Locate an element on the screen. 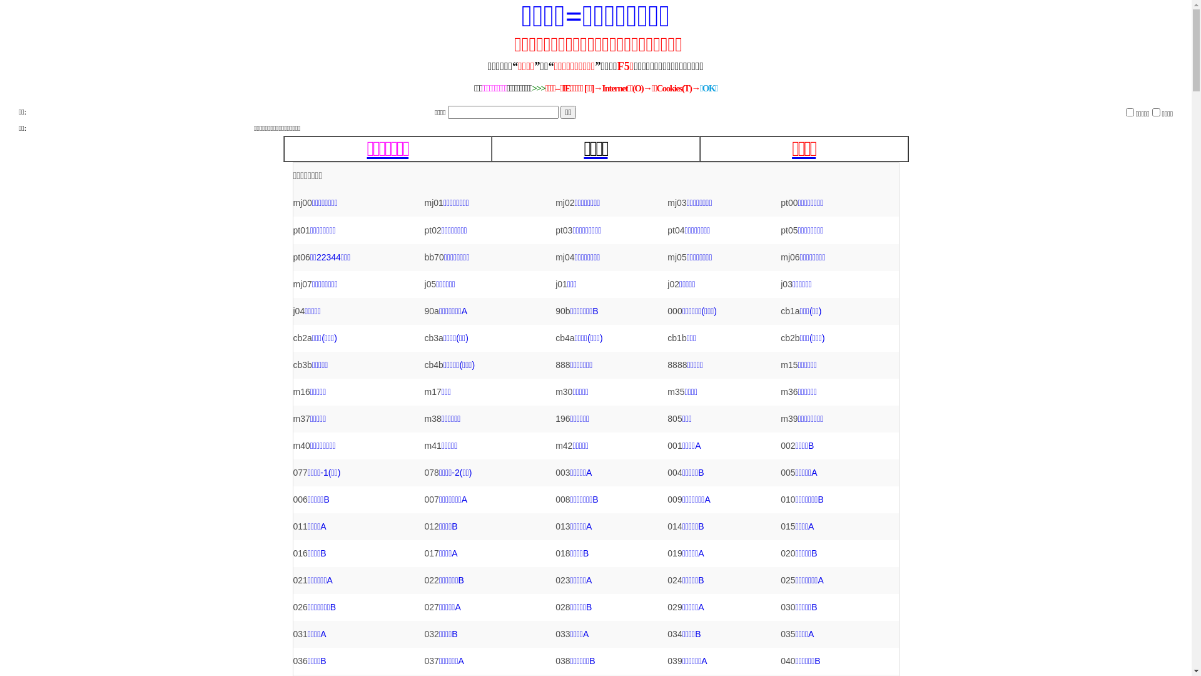 The height and width of the screenshot is (676, 1201). 'cb4a' is located at coordinates (564, 338).